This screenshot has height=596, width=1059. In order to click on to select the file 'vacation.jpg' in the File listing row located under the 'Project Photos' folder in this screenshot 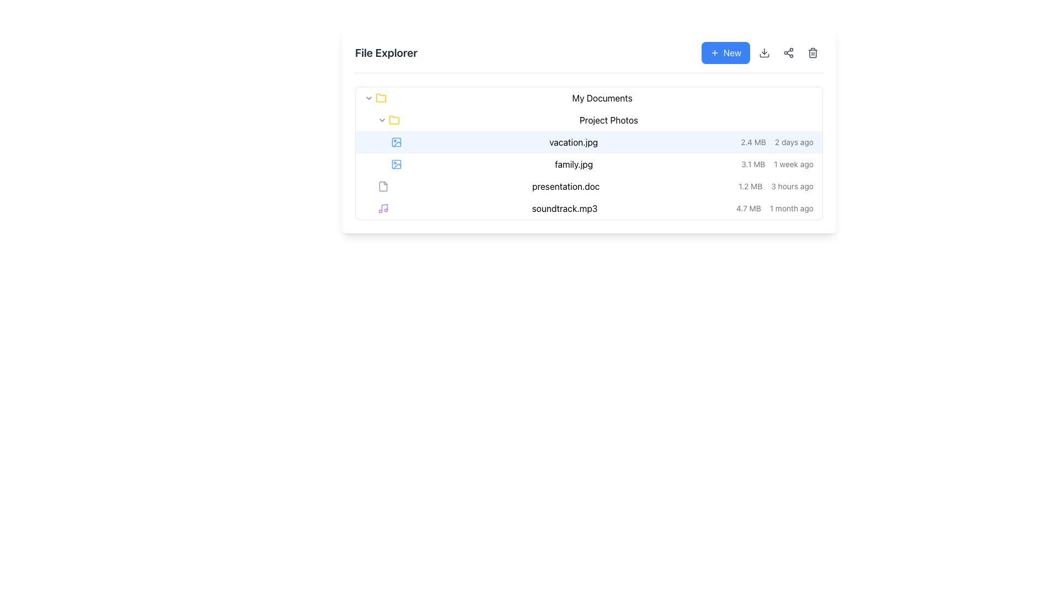, I will do `click(589, 153)`.